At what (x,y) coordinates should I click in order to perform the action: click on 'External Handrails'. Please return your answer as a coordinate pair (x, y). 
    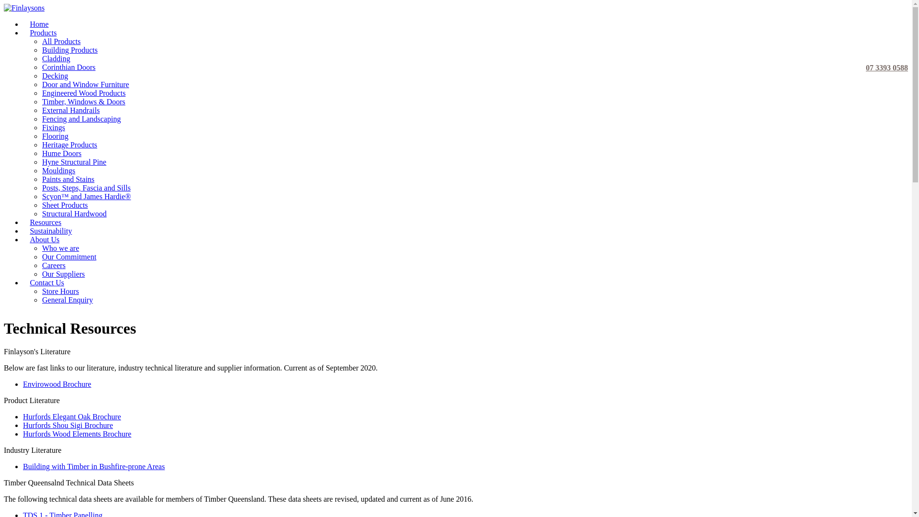
    Looking at the image, I should click on (70, 110).